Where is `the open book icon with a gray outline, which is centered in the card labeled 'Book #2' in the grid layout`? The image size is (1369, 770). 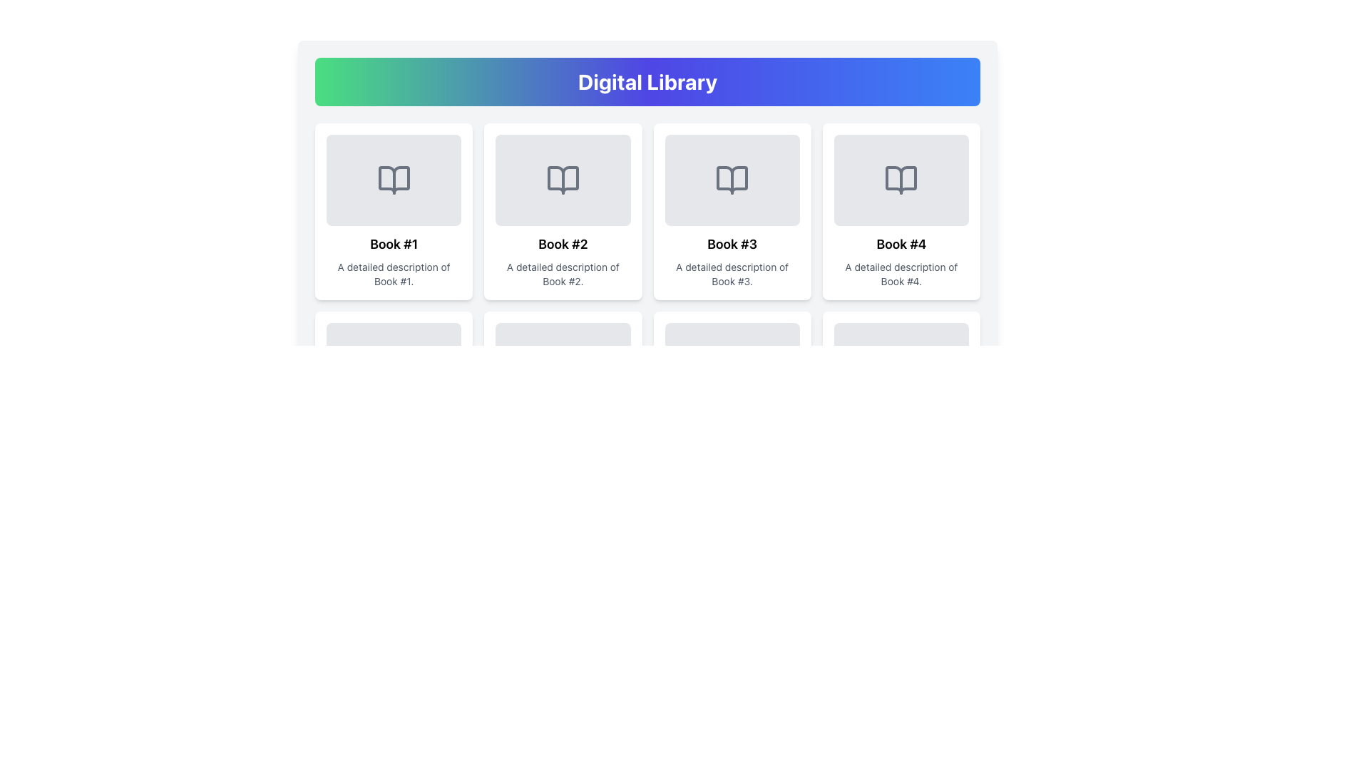
the open book icon with a gray outline, which is centered in the card labeled 'Book #2' in the grid layout is located at coordinates (562, 180).